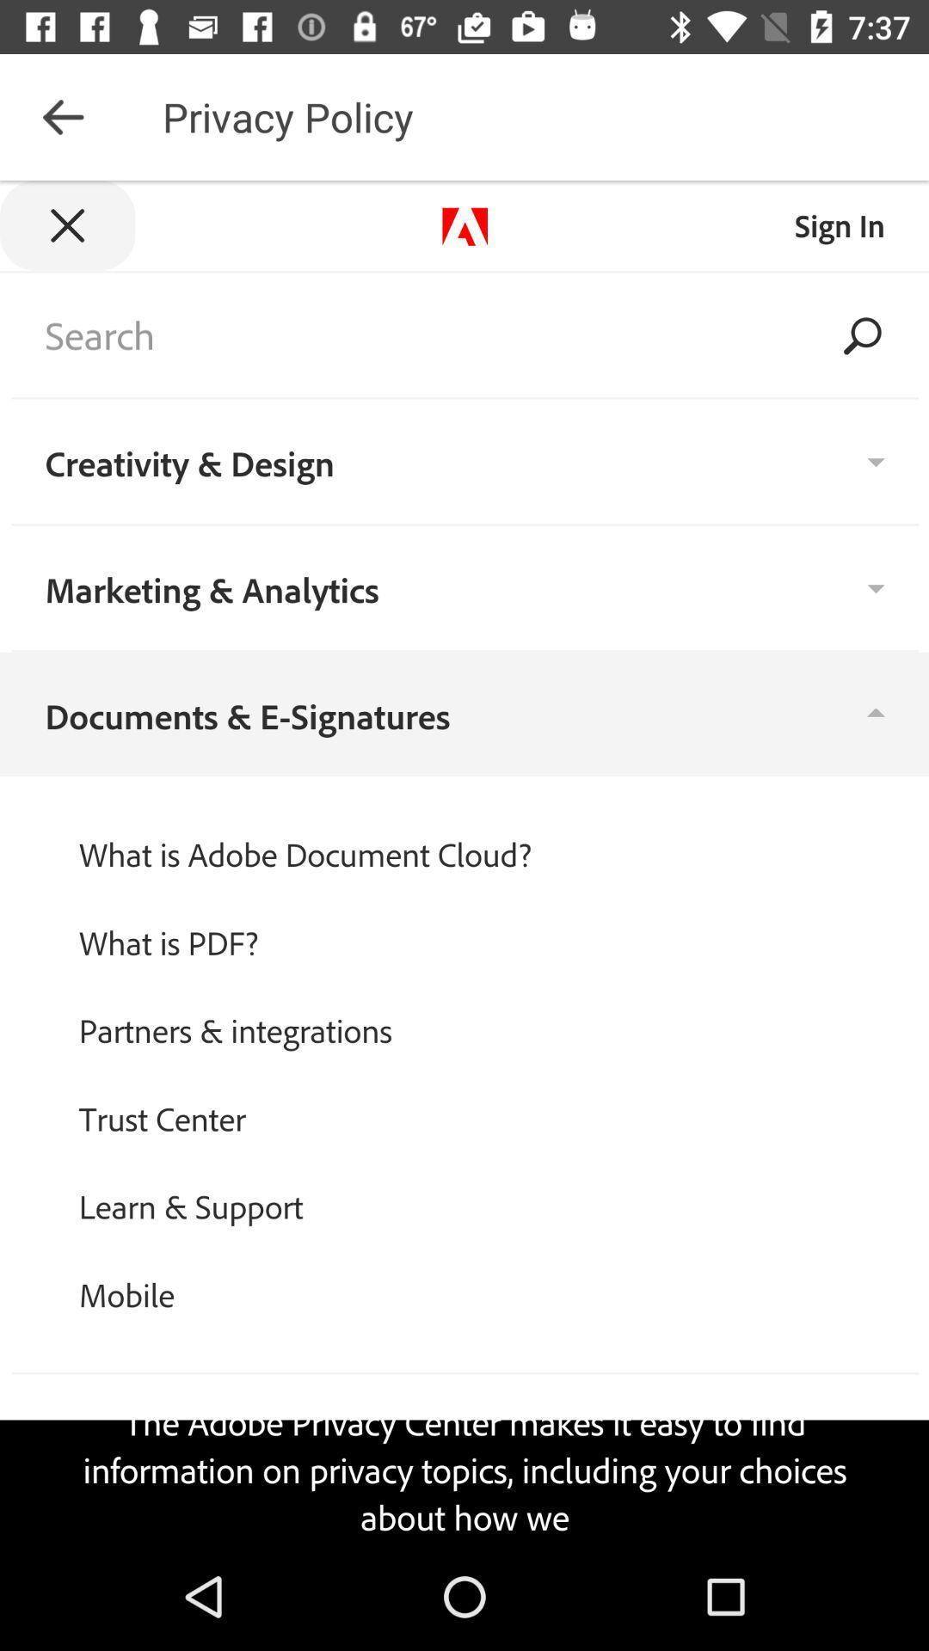  Describe the element at coordinates (464, 862) in the screenshot. I see `accordion of various information` at that location.